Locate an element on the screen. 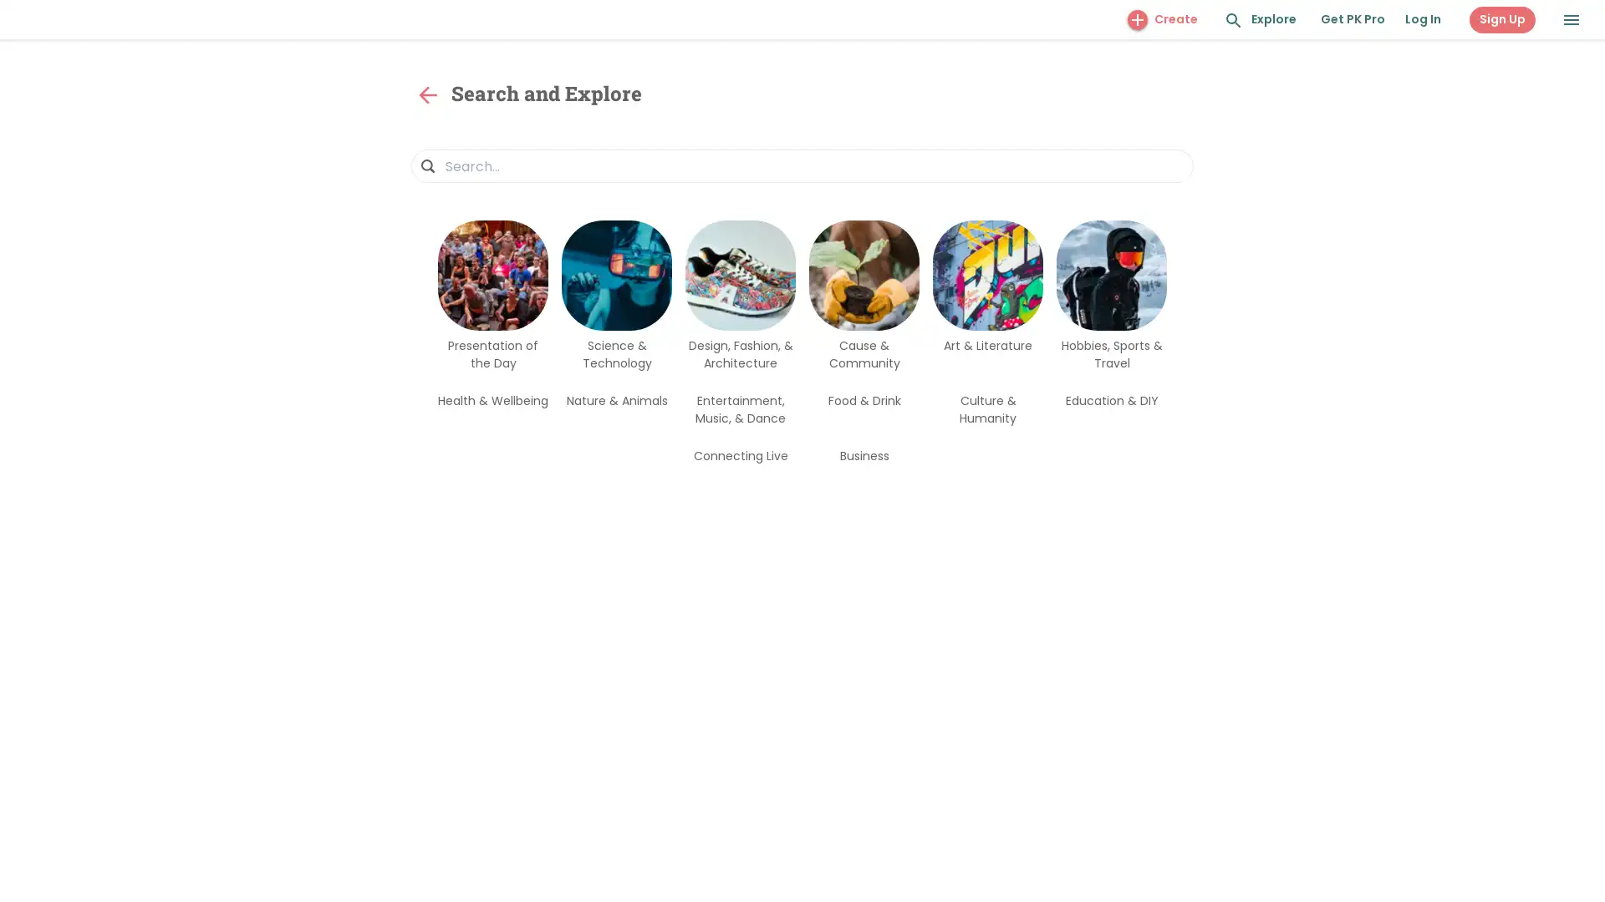 Image resolution: width=1605 pixels, height=902 pixels. Sign Up is located at coordinates (1502, 19).